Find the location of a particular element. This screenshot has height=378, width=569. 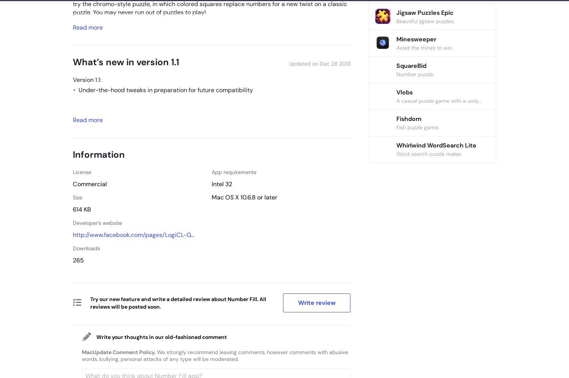

'Avoid the mines to win.' is located at coordinates (424, 48).